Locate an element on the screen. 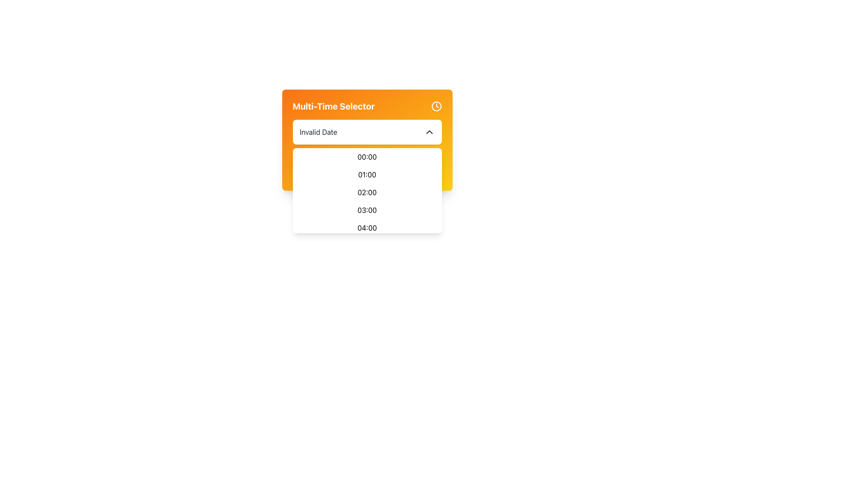 This screenshot has height=479, width=852. the selectable list item displaying '00:00' in the dropdown menu is located at coordinates (367, 157).